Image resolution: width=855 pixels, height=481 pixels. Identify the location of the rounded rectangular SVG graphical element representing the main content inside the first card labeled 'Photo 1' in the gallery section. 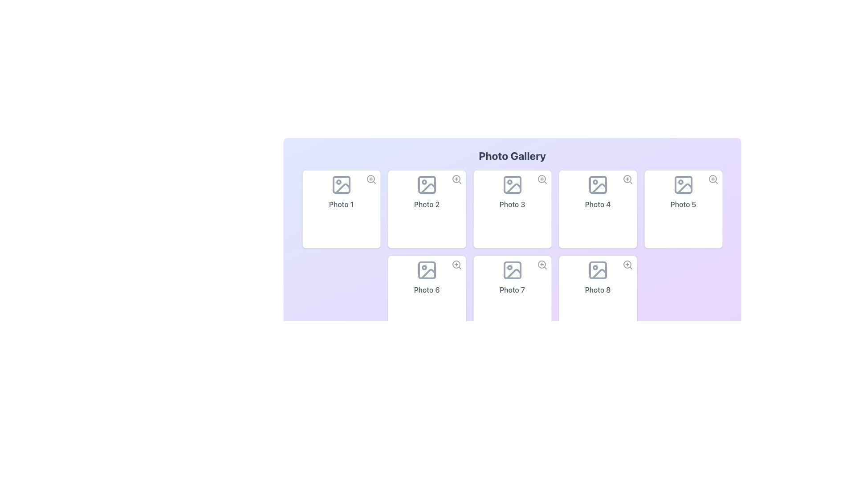
(341, 184).